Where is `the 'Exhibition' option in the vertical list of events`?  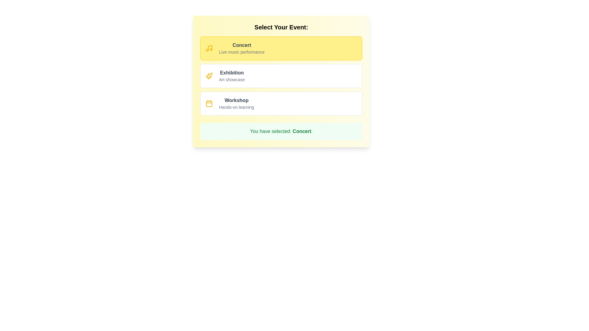
the 'Exhibition' option in the vertical list of events is located at coordinates (281, 75).